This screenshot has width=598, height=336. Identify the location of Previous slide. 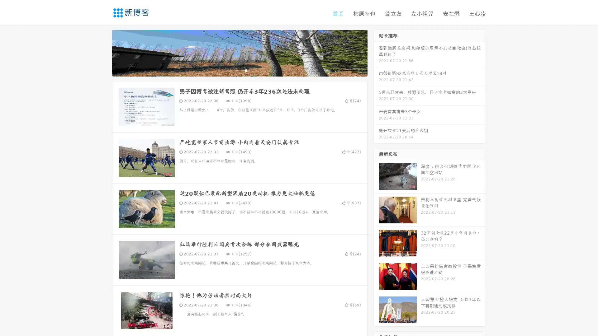
(103, 52).